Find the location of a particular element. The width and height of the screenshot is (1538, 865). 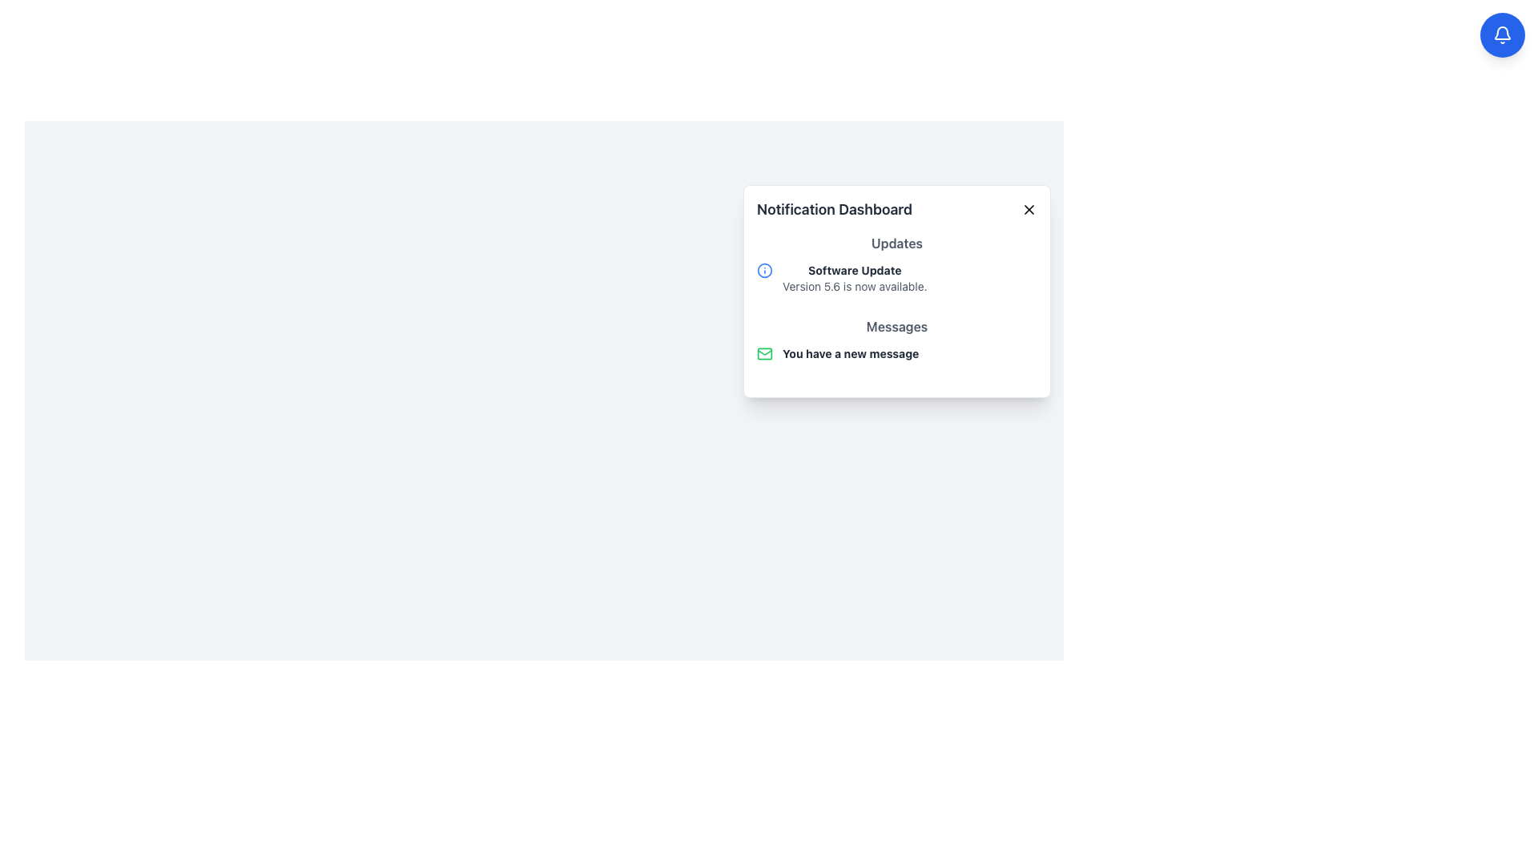

the chevron-like icon with a green outline representing an envelope located in the top-right corner of the notification panel is located at coordinates (764, 351).